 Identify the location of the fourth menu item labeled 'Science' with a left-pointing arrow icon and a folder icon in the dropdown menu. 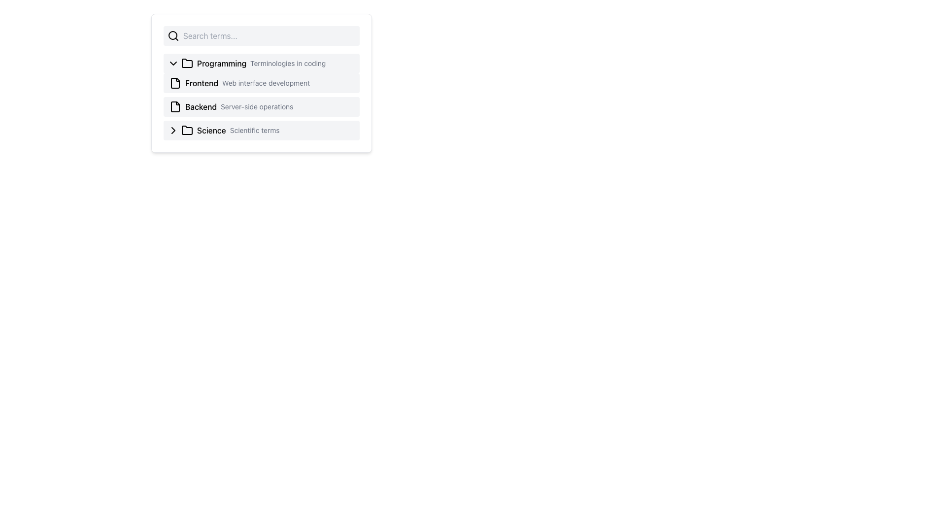
(262, 130).